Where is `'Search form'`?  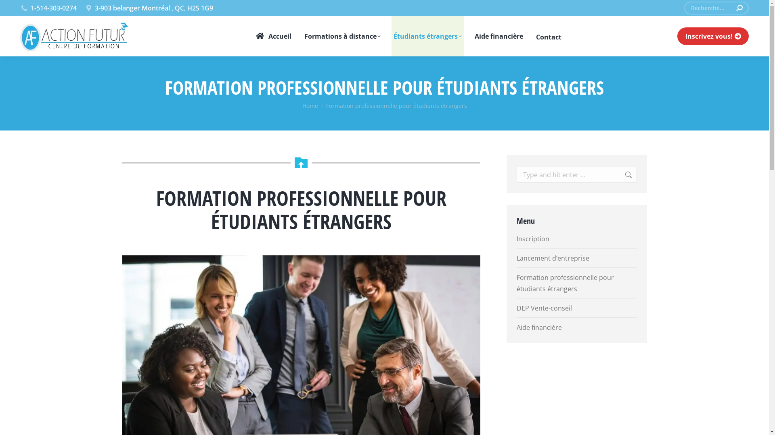
'Search form' is located at coordinates (716, 8).